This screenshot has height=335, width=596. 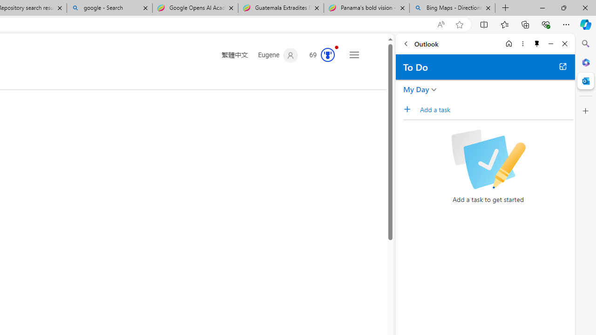 What do you see at coordinates (564, 43) in the screenshot?
I see `'Close'` at bounding box center [564, 43].